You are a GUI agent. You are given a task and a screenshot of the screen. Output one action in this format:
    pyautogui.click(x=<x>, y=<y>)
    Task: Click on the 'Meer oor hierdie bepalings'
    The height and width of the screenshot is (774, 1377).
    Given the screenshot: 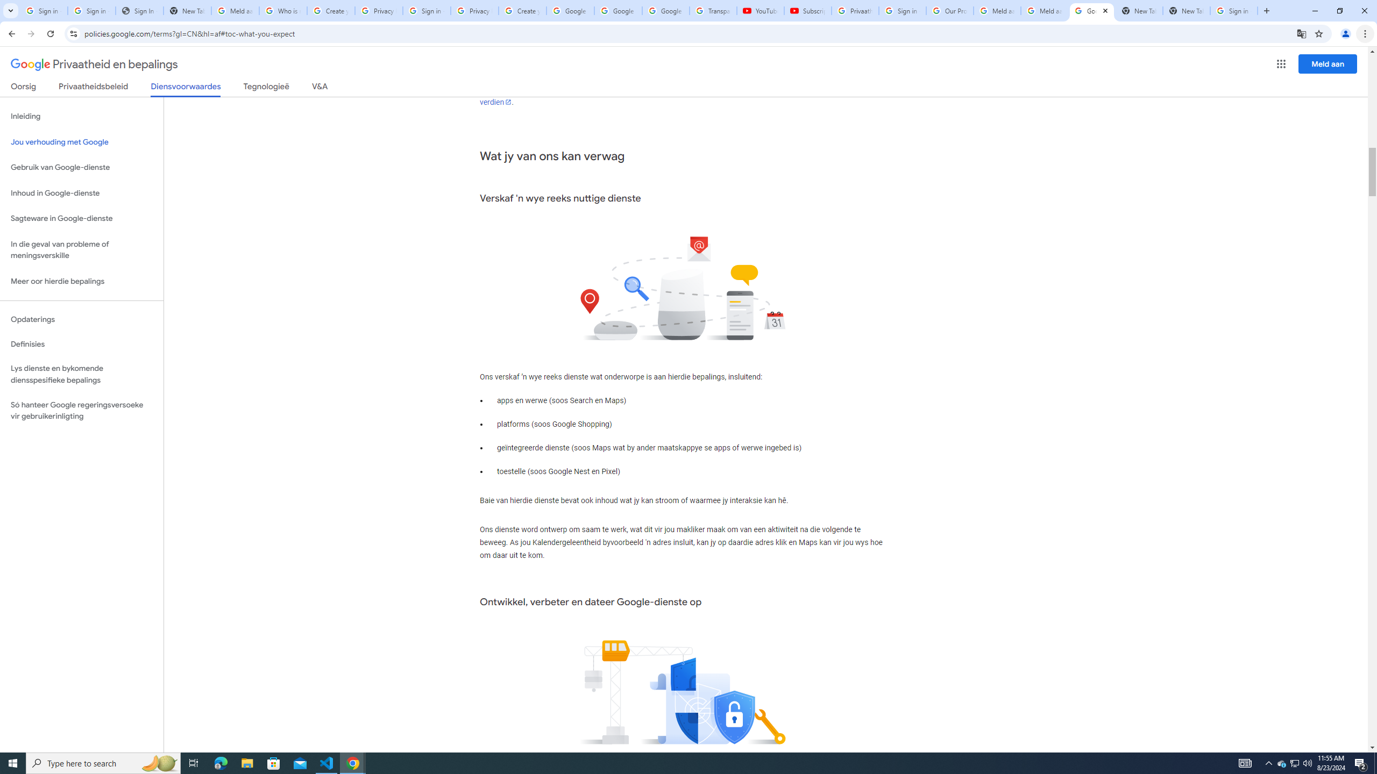 What is the action you would take?
    pyautogui.click(x=81, y=282)
    